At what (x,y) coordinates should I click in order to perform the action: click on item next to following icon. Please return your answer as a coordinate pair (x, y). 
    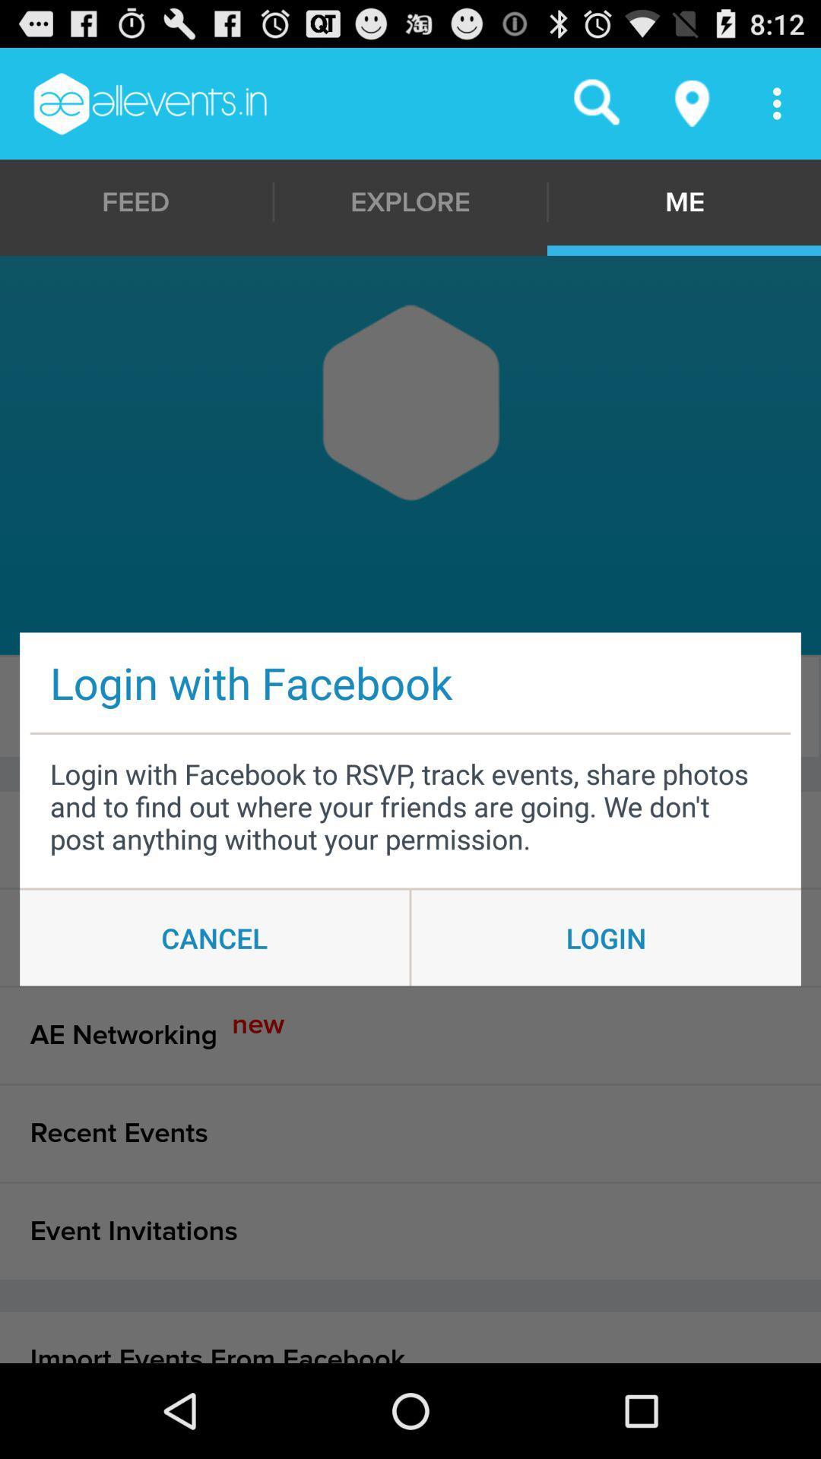
    Looking at the image, I should click on (406, 706).